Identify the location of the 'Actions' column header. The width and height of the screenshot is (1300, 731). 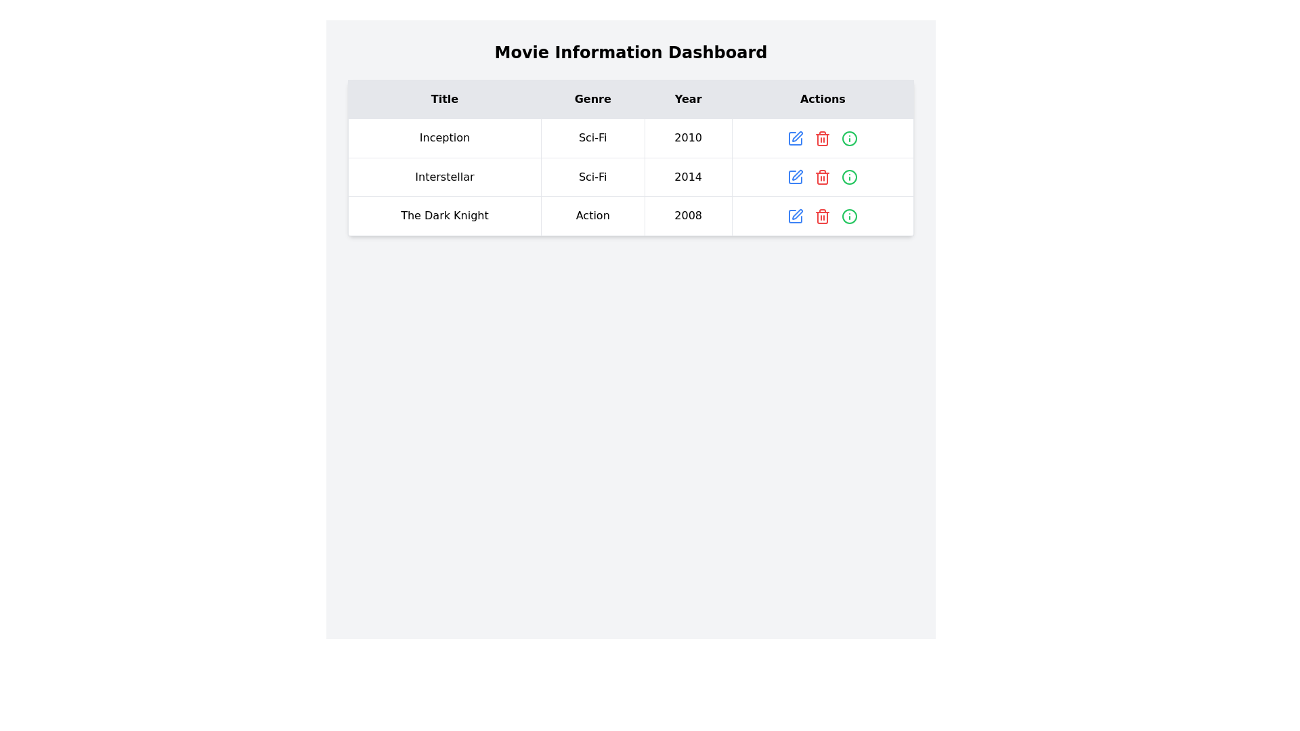
(822, 98).